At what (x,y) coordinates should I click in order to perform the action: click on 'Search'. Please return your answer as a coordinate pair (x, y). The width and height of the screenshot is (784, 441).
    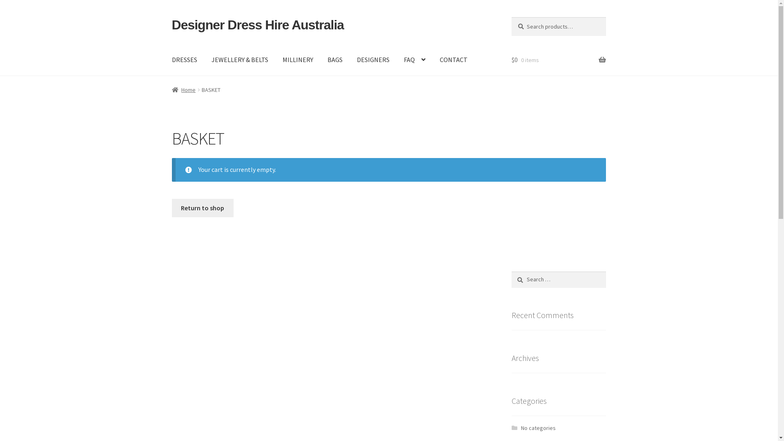
    Looking at the image, I should click on (511, 271).